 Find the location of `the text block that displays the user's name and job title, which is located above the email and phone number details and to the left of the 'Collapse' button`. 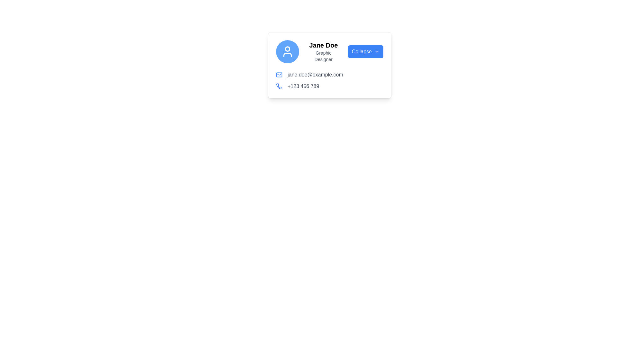

the text block that displays the user's name and job title, which is located above the email and phone number details and to the left of the 'Collapse' button is located at coordinates (323, 51).